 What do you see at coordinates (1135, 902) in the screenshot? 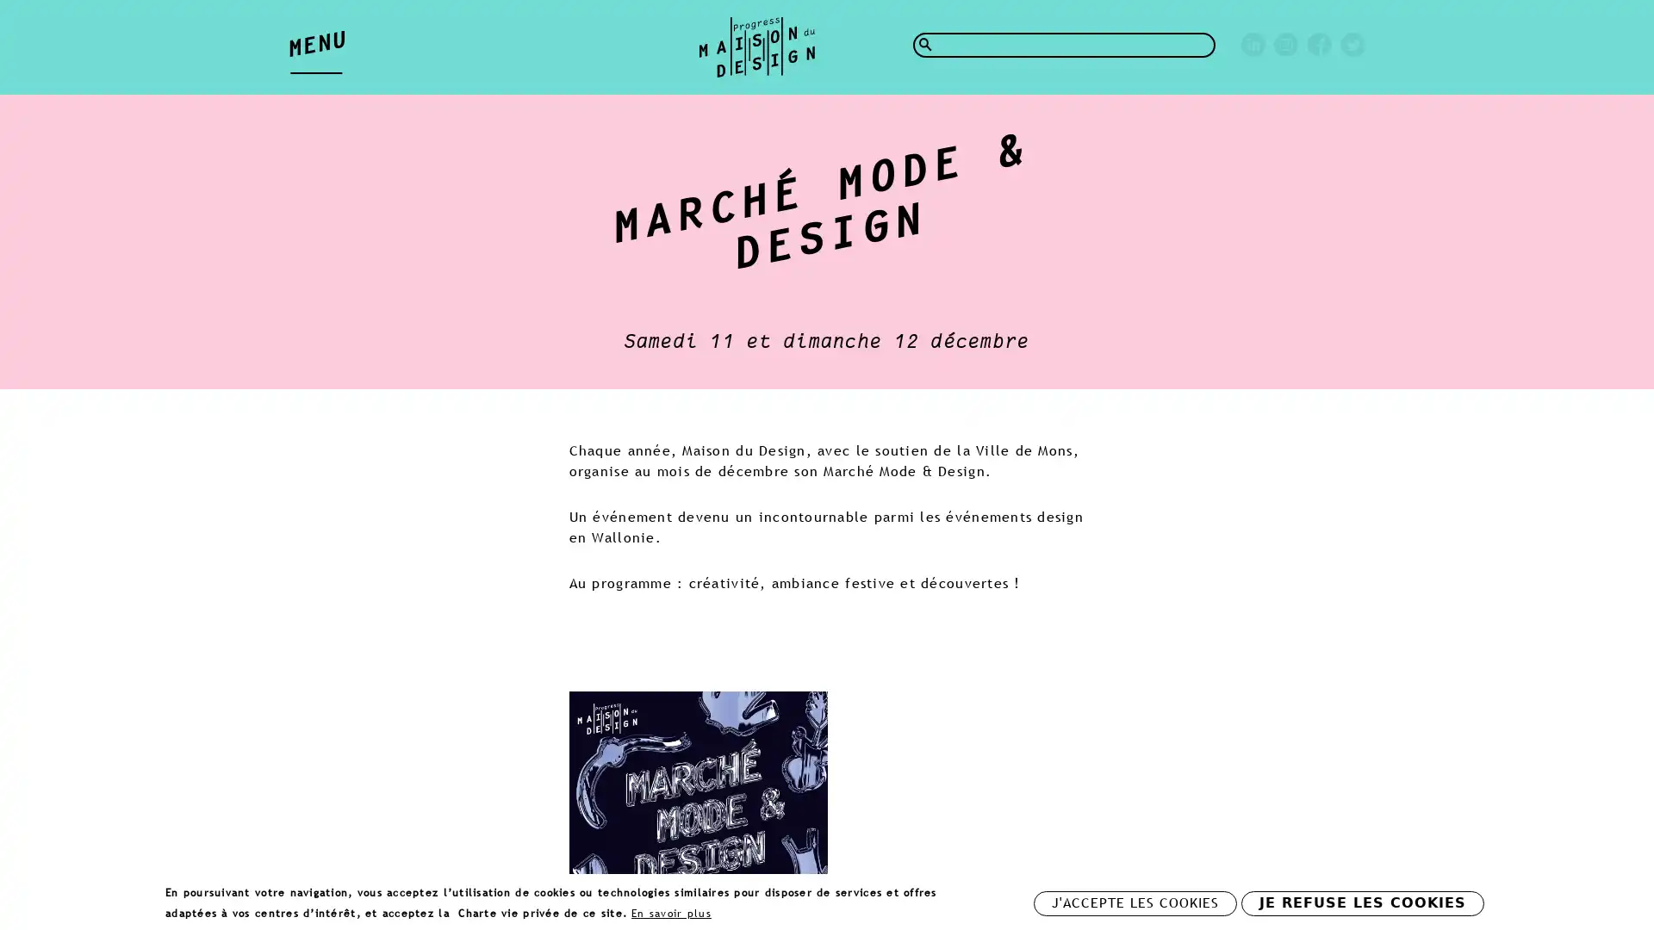
I see `J'ACCEPTE LES COOKIES` at bounding box center [1135, 902].